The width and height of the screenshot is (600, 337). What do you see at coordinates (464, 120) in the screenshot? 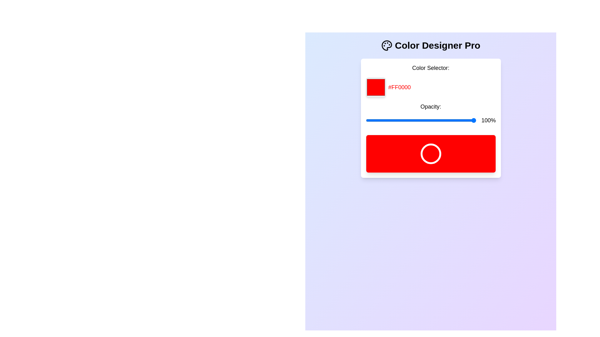
I see `opacity` at bounding box center [464, 120].